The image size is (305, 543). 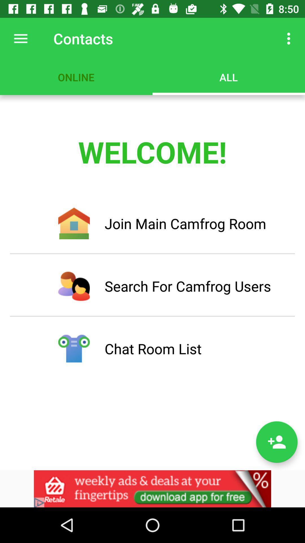 What do you see at coordinates (152, 488) in the screenshot?
I see `link to advertisement` at bounding box center [152, 488].